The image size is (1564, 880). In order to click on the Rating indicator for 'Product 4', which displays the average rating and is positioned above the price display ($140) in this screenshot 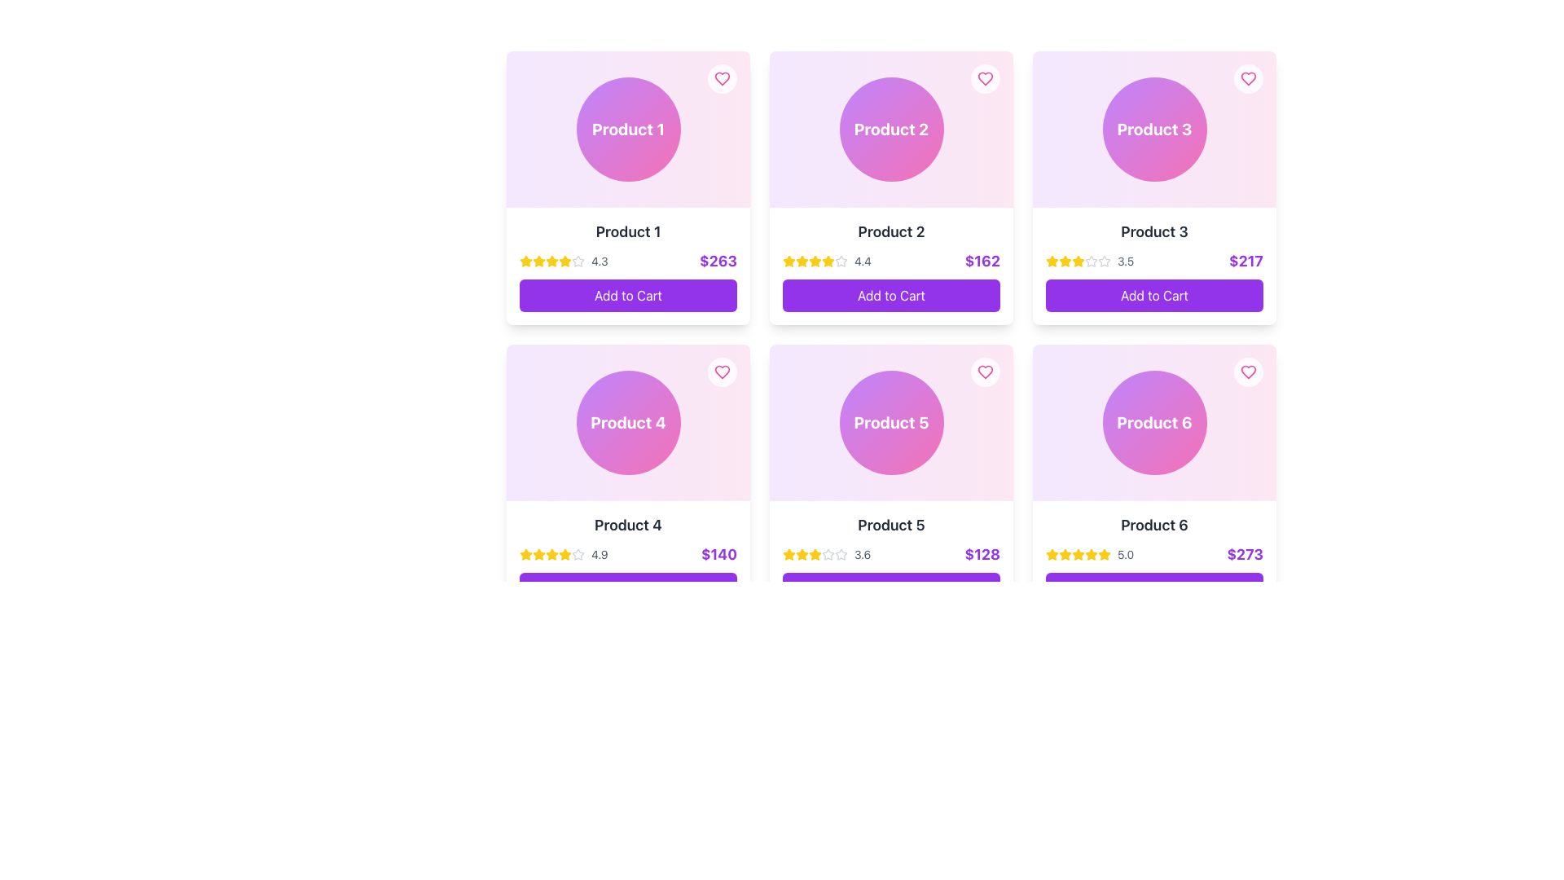, I will do `click(564, 554)`.